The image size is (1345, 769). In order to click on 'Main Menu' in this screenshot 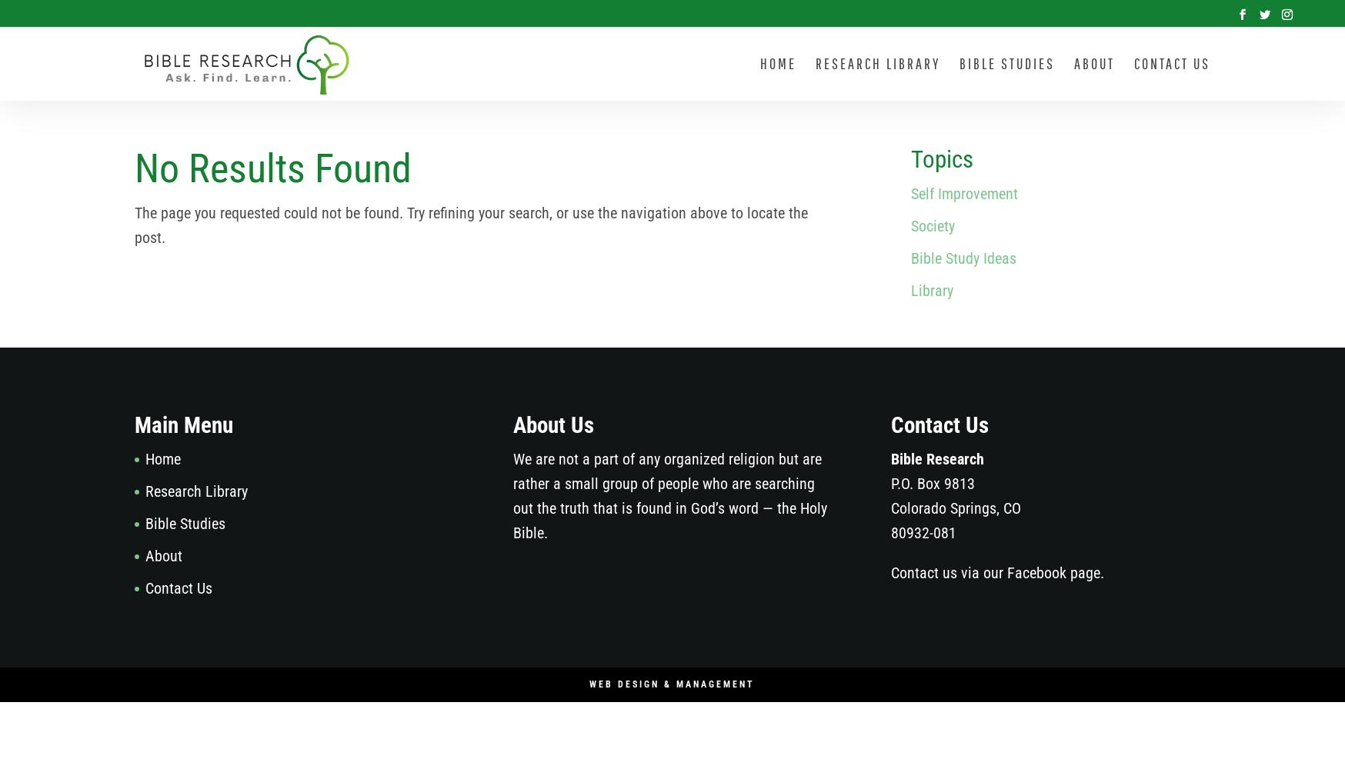, I will do `click(183, 425)`.